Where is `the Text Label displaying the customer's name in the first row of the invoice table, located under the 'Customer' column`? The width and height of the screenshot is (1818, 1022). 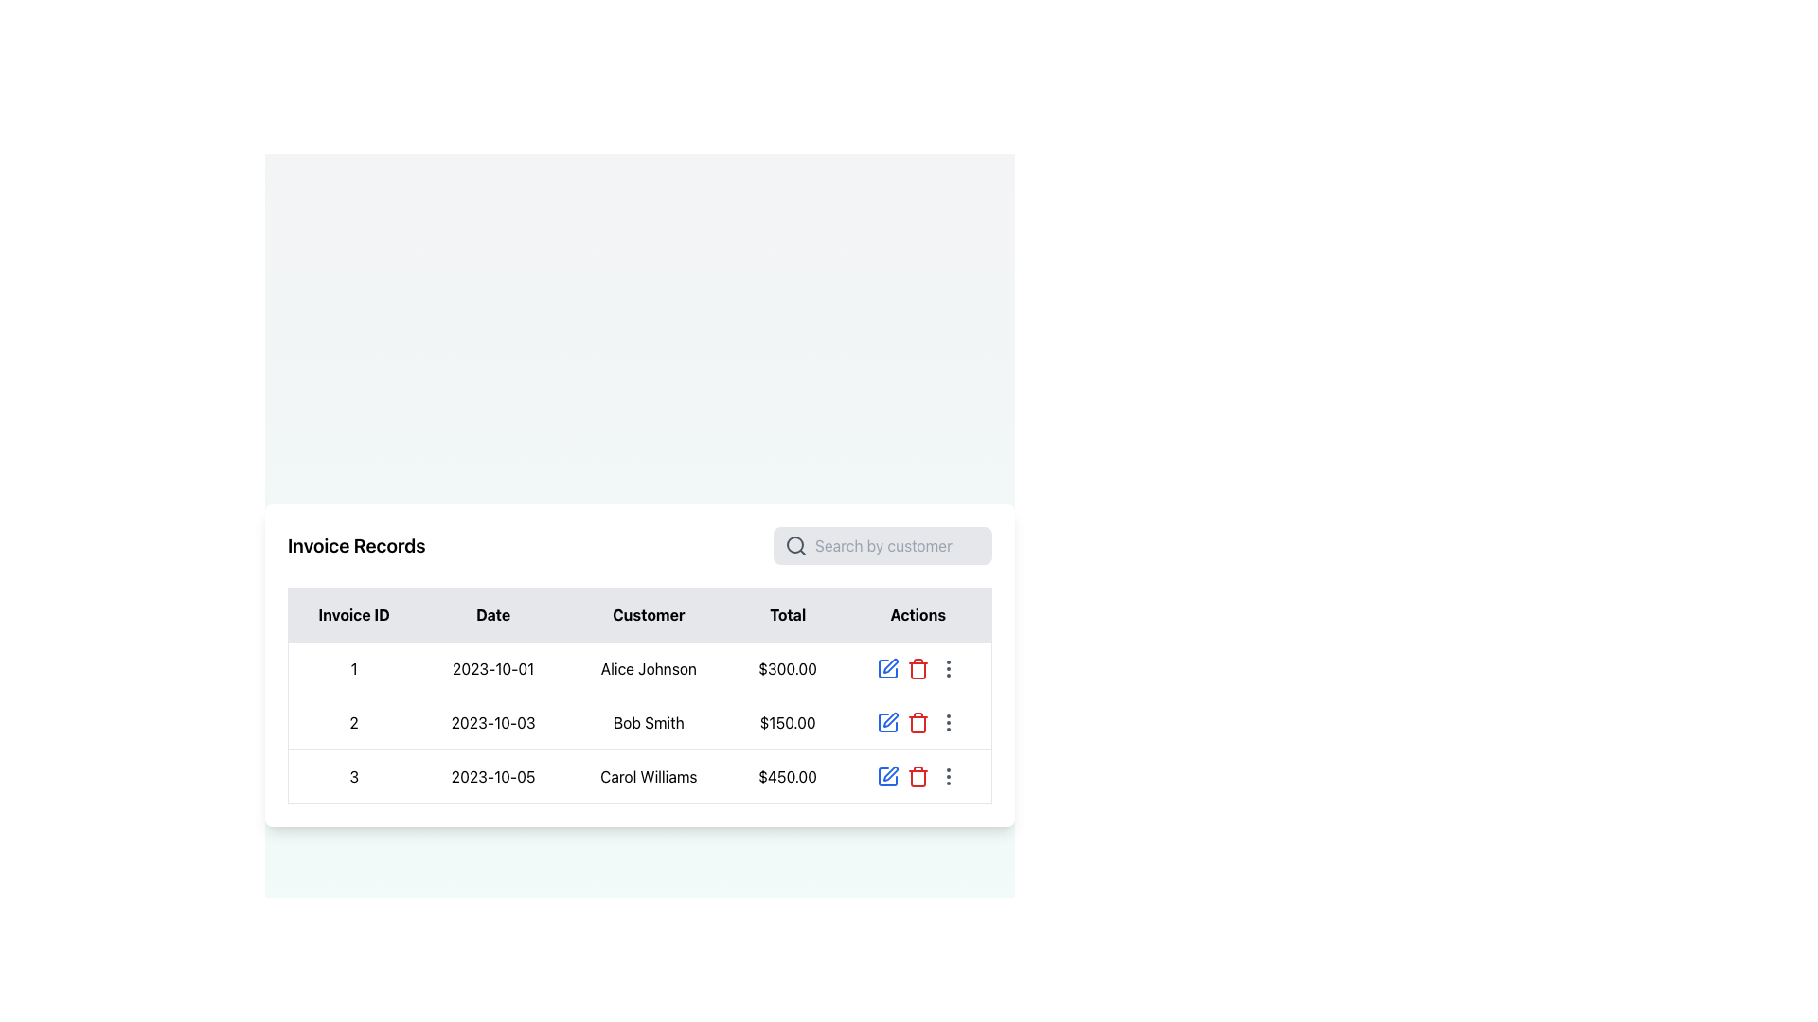
the Text Label displaying the customer's name in the first row of the invoice table, located under the 'Customer' column is located at coordinates (649, 667).